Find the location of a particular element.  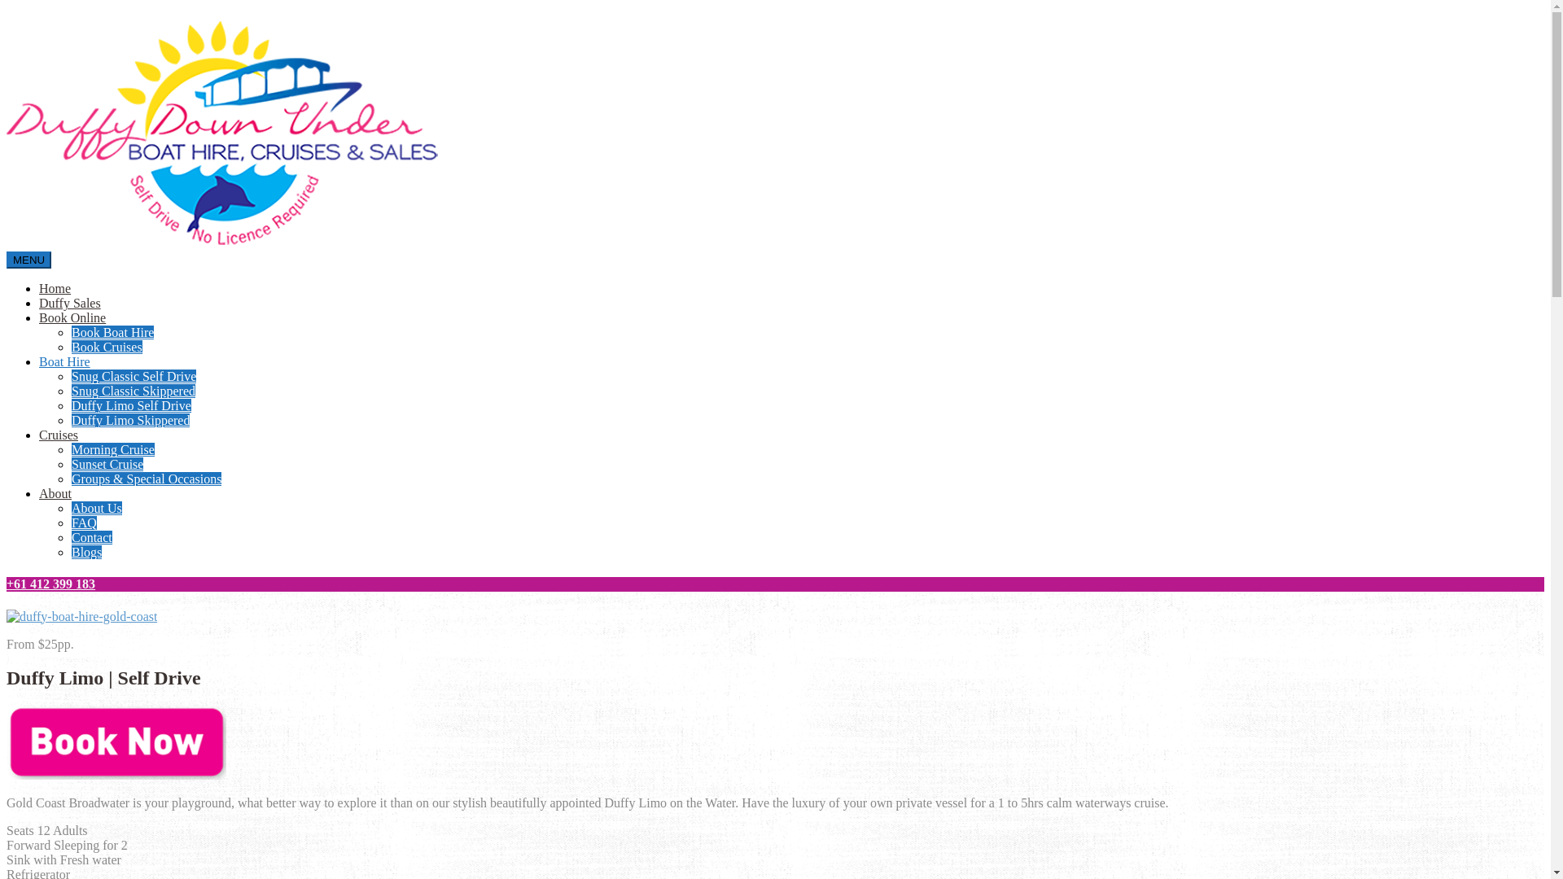

'Book Cruises' is located at coordinates (106, 346).